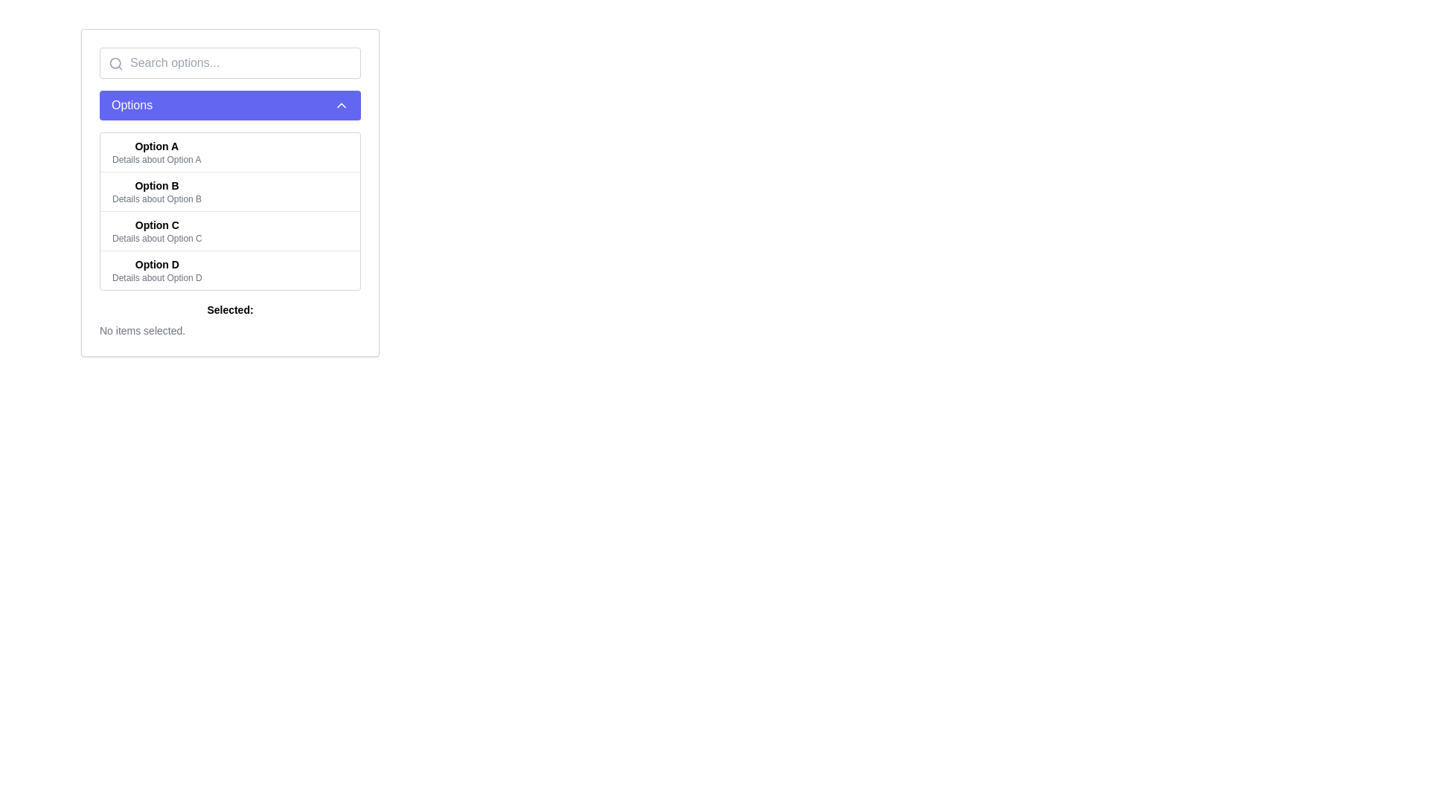 This screenshot has height=803, width=1429. What do you see at coordinates (115, 62) in the screenshot?
I see `the magnifying glass icon located in the top-left corner of the 'Search options...' input field` at bounding box center [115, 62].